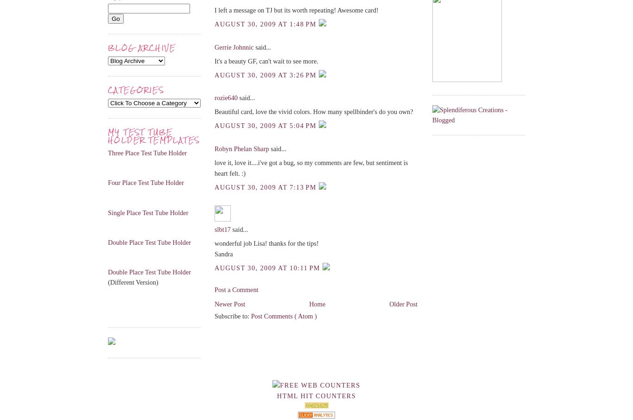 The width and height of the screenshot is (633, 420). What do you see at coordinates (214, 60) in the screenshot?
I see `'It's a beauty GF, can't wait to see more.'` at bounding box center [214, 60].